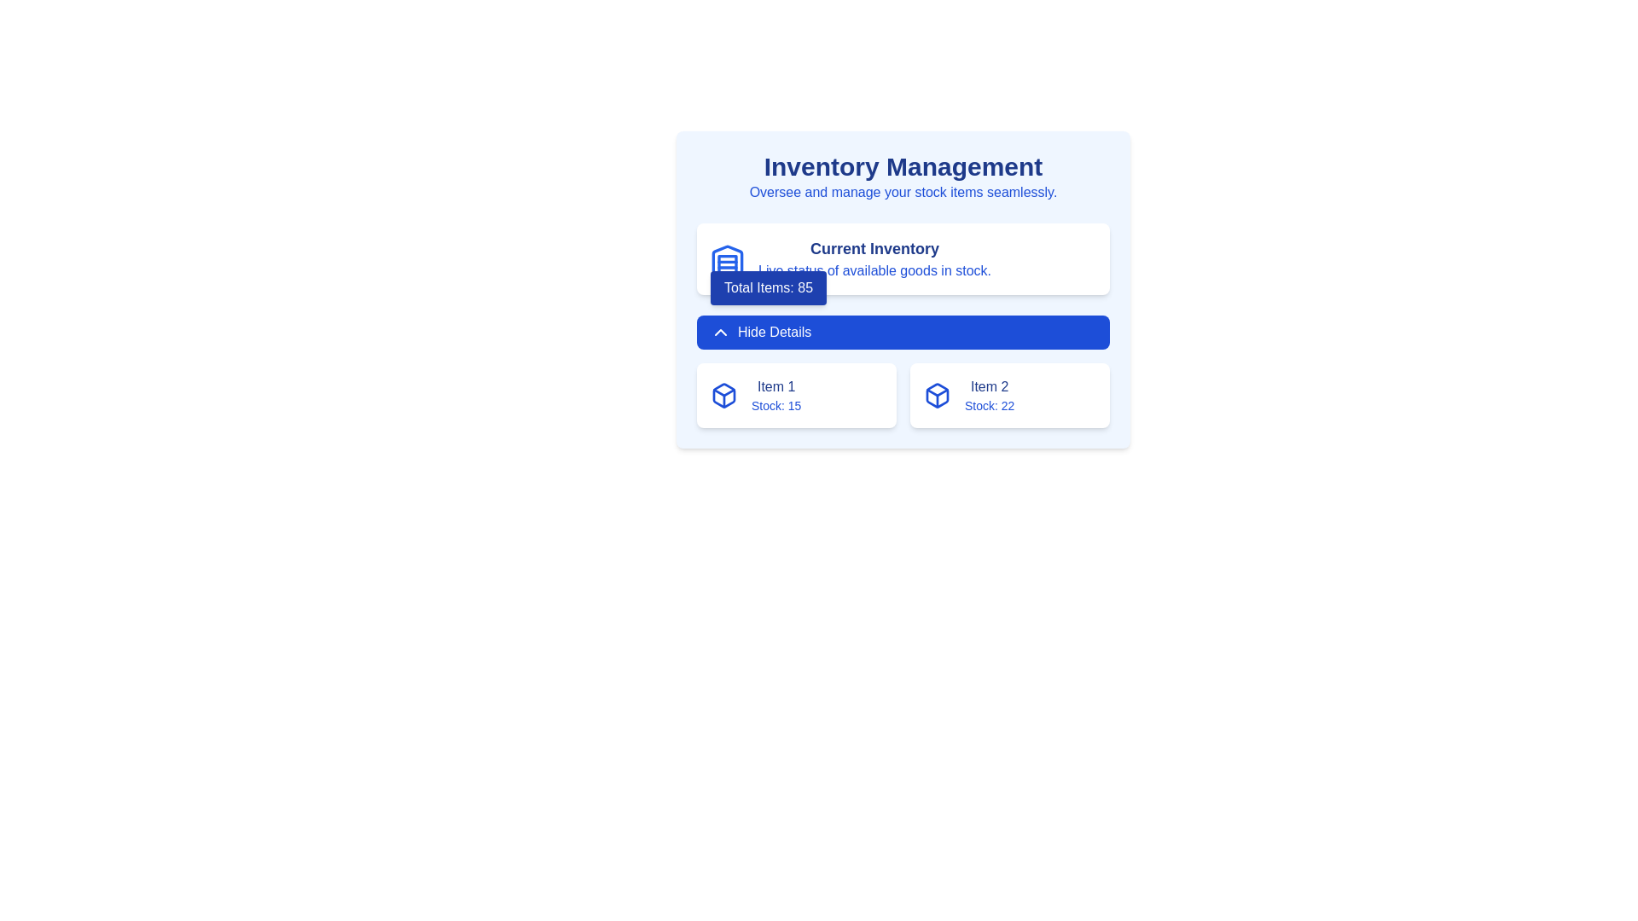  Describe the element at coordinates (775, 387) in the screenshot. I see `the content of the text label displaying the name of the inventory item, located in the first item group under the inventory details section, above the 'Stock: 15' text` at that location.